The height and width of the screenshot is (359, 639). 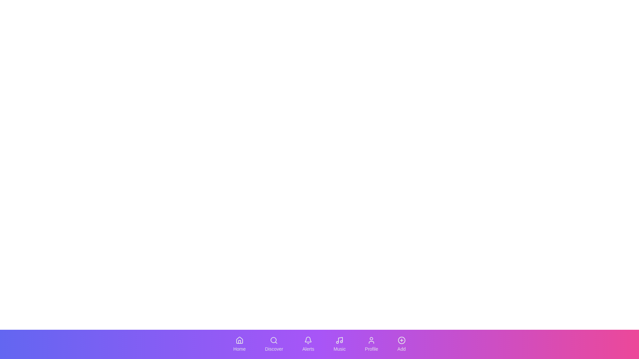 I want to click on the navigation button corresponding to Discover, so click(x=274, y=344).